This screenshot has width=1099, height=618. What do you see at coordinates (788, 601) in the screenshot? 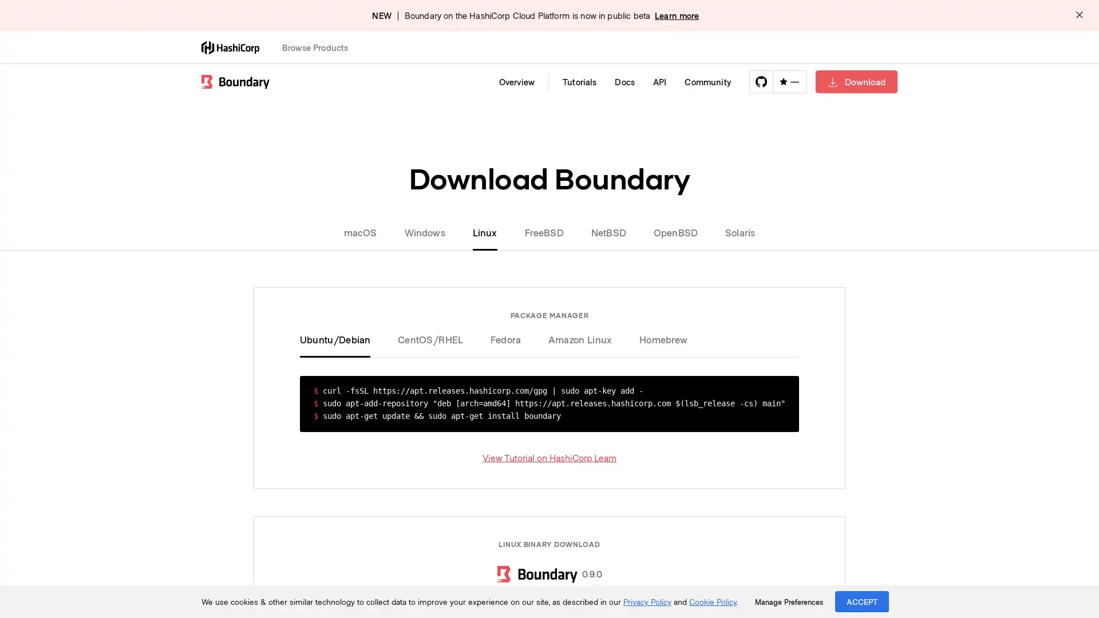
I see `Manage Preferences` at bounding box center [788, 601].